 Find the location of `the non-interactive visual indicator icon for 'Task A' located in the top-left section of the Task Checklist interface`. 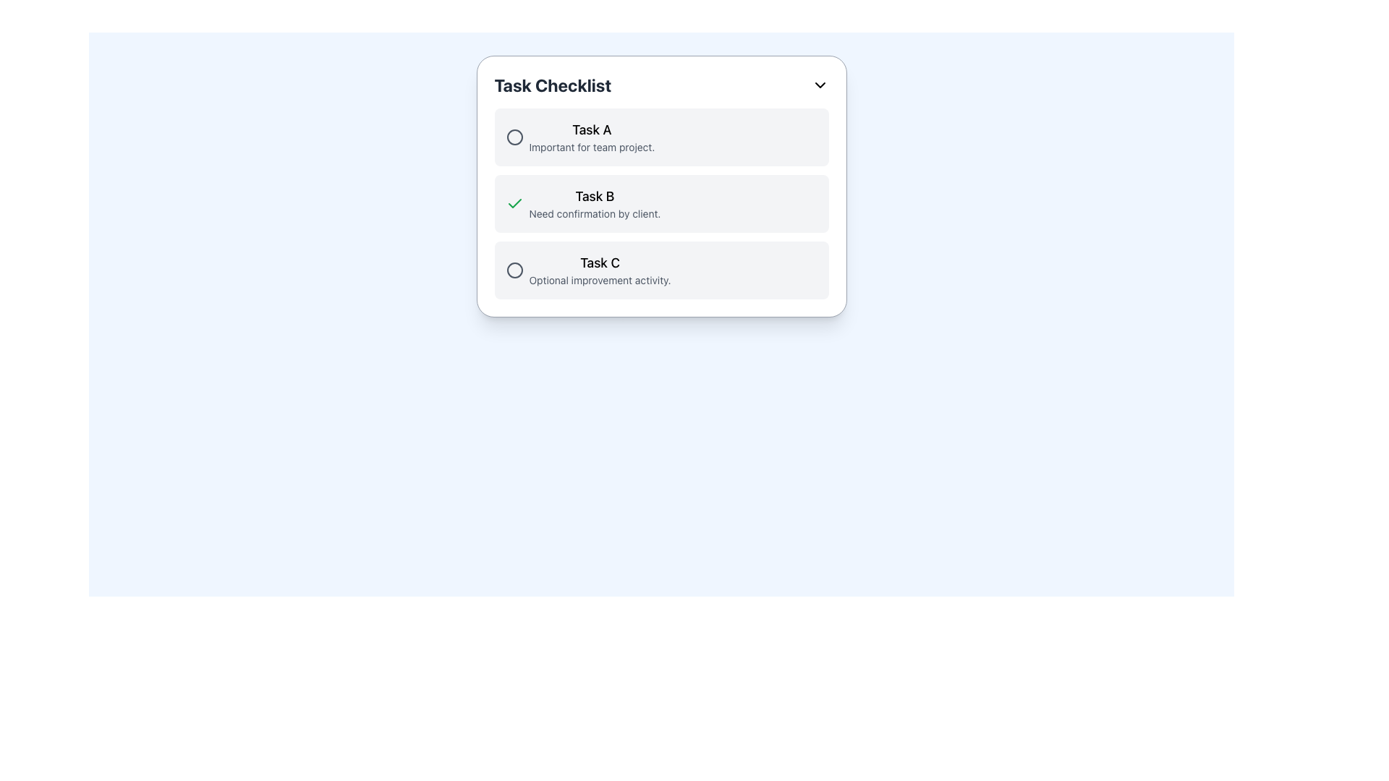

the non-interactive visual indicator icon for 'Task A' located in the top-left section of the Task Checklist interface is located at coordinates (514, 137).